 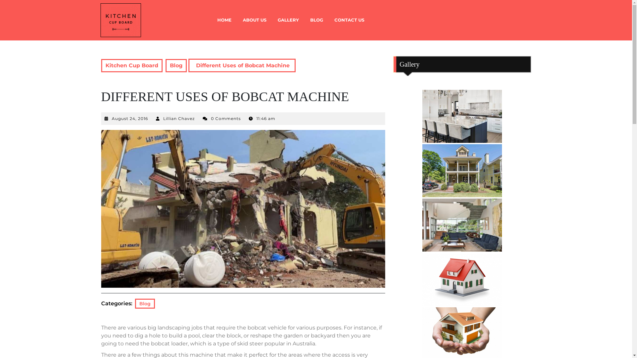 I want to click on 'Blog', so click(x=176, y=65).